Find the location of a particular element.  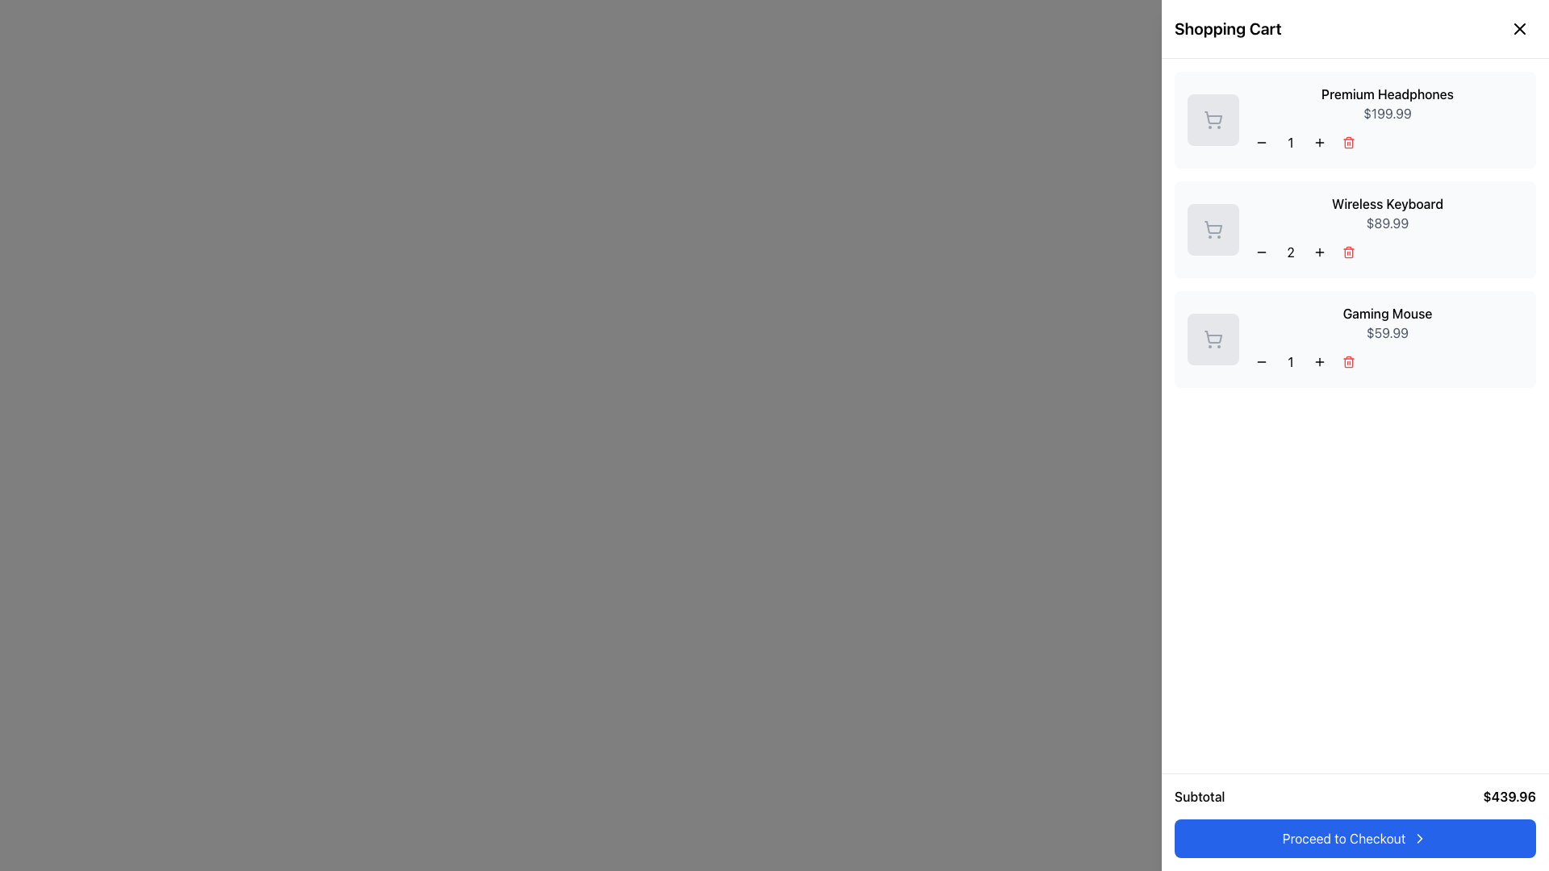

the light gray square icon containing a shopping cart, located in the leftmost part of the 'Gaming Mouse' section of the shopping cart interface is located at coordinates (1213, 338).